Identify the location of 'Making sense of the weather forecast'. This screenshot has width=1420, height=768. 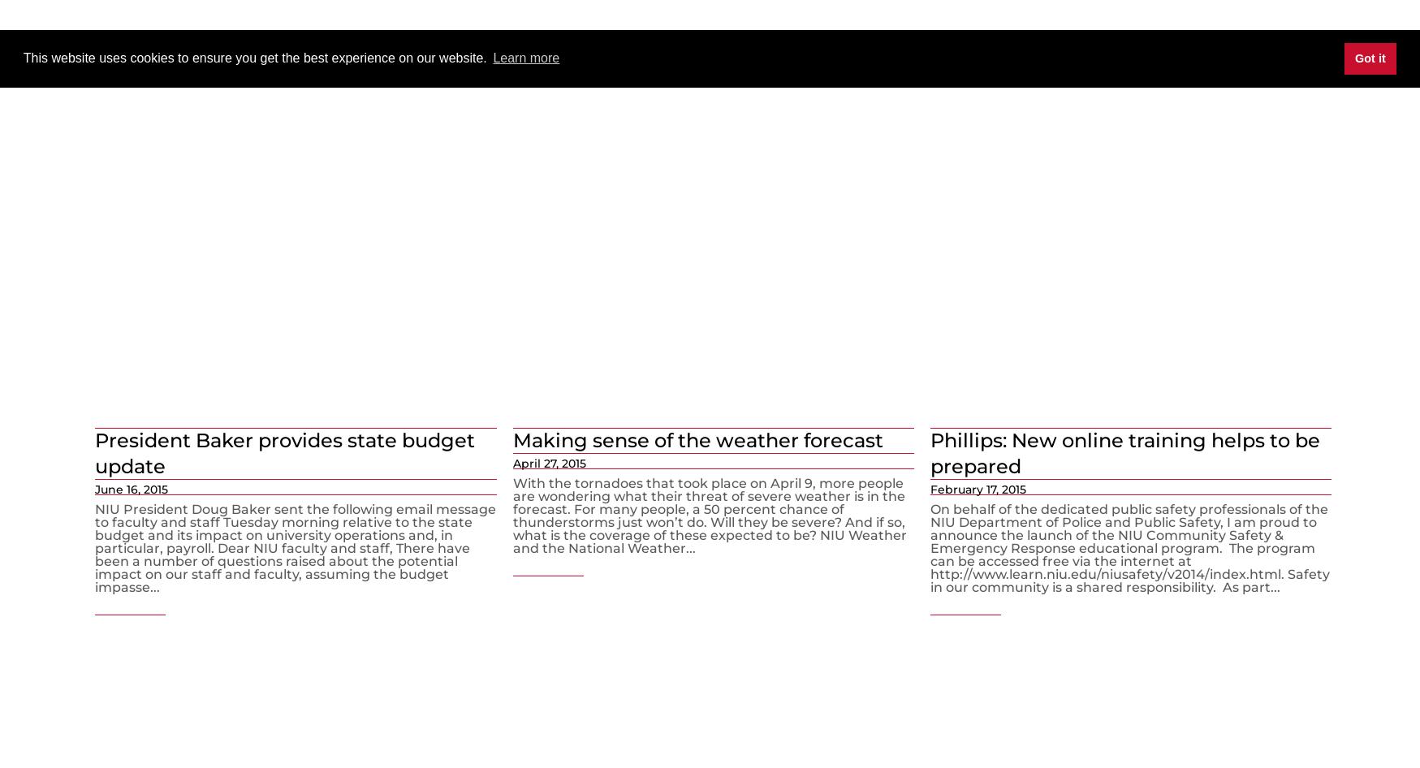
(696, 440).